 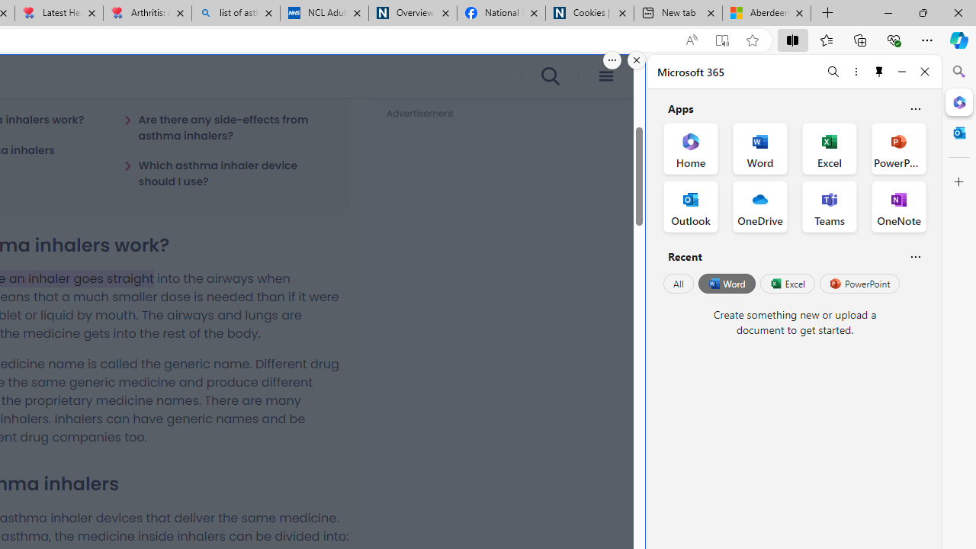 What do you see at coordinates (690, 207) in the screenshot?
I see `'Outlook Office App'` at bounding box center [690, 207].